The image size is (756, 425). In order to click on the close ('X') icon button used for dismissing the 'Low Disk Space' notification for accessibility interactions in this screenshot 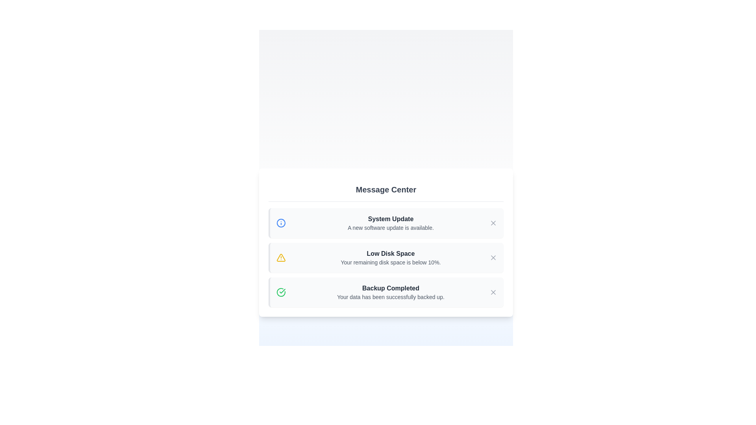, I will do `click(493, 257)`.